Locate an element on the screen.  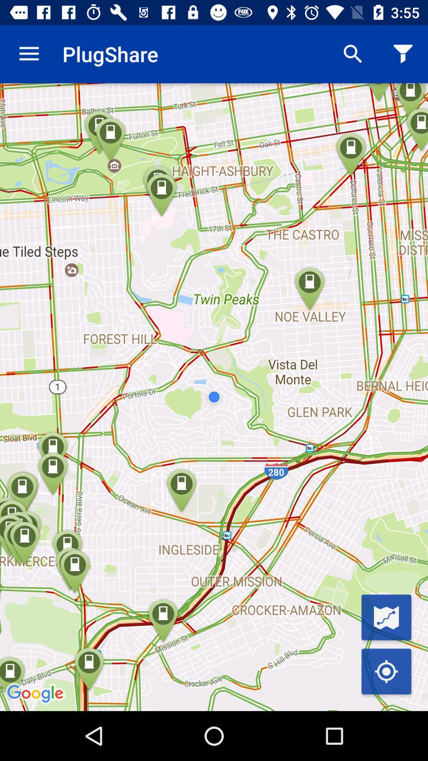
waypoint is located at coordinates (386, 617).